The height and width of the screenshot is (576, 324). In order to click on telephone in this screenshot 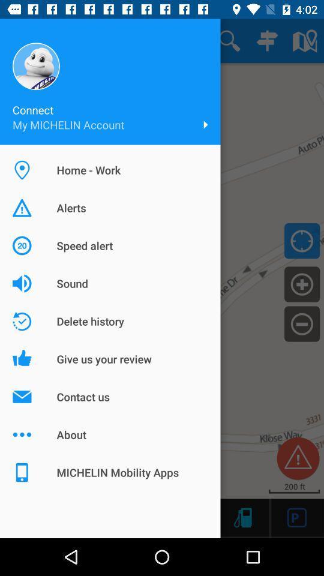, I will do `click(242, 517)`.